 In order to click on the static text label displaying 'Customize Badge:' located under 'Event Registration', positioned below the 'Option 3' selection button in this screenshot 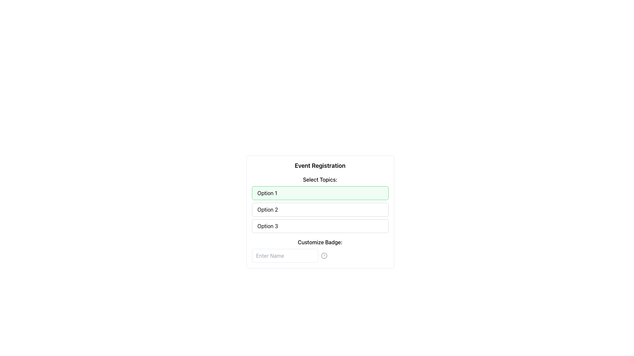, I will do `click(320, 242)`.